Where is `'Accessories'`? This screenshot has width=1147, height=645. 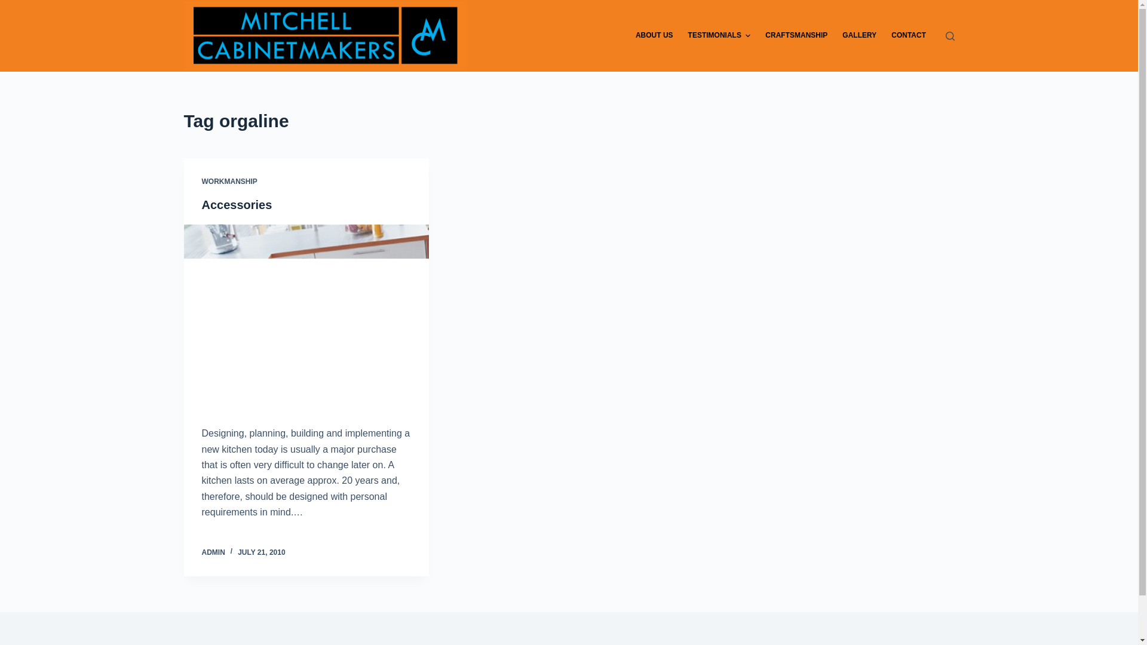 'Accessories' is located at coordinates (237, 204).